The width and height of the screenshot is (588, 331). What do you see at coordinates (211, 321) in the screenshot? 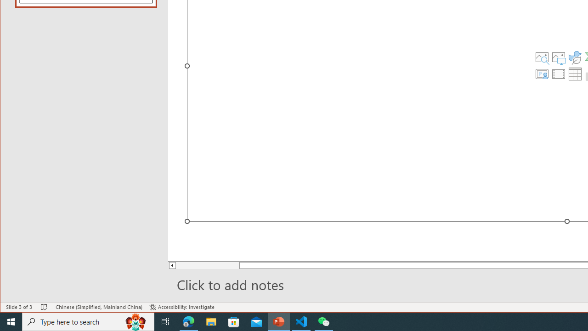
I see `'File Explorer'` at bounding box center [211, 321].